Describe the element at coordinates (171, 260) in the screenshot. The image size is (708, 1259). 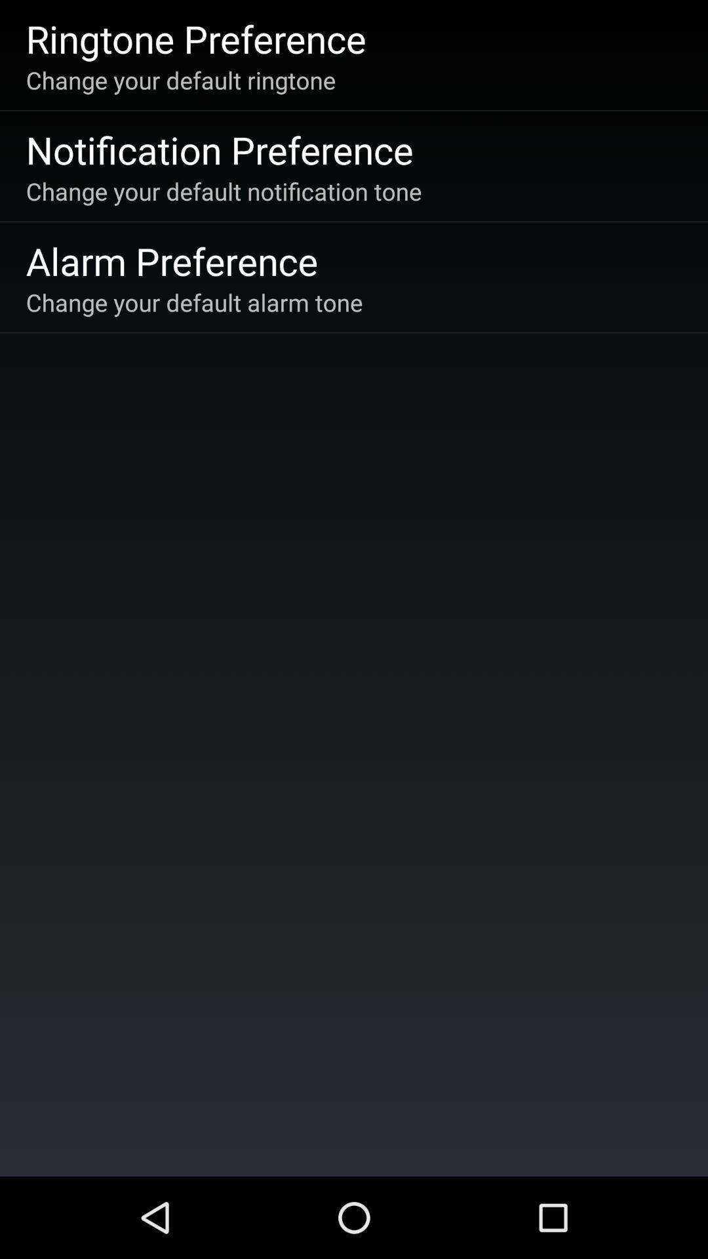
I see `the alarm preference` at that location.